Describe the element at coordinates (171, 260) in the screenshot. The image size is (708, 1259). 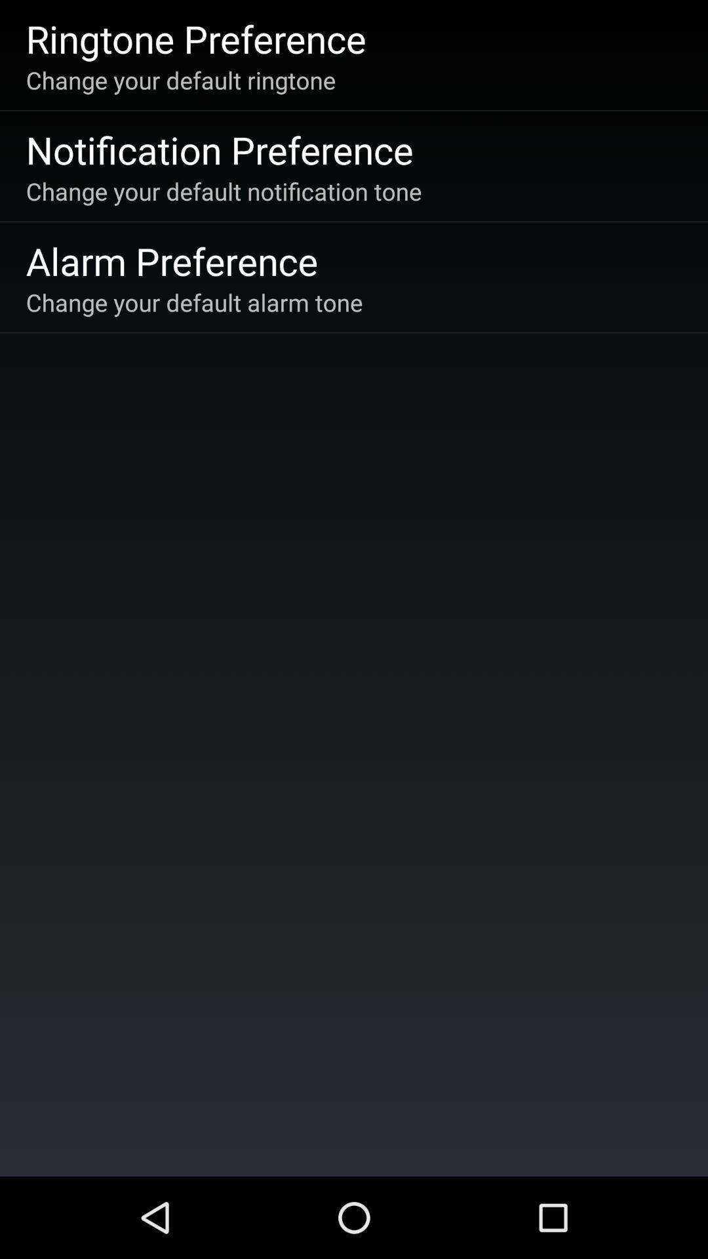
I see `the alarm preference` at that location.